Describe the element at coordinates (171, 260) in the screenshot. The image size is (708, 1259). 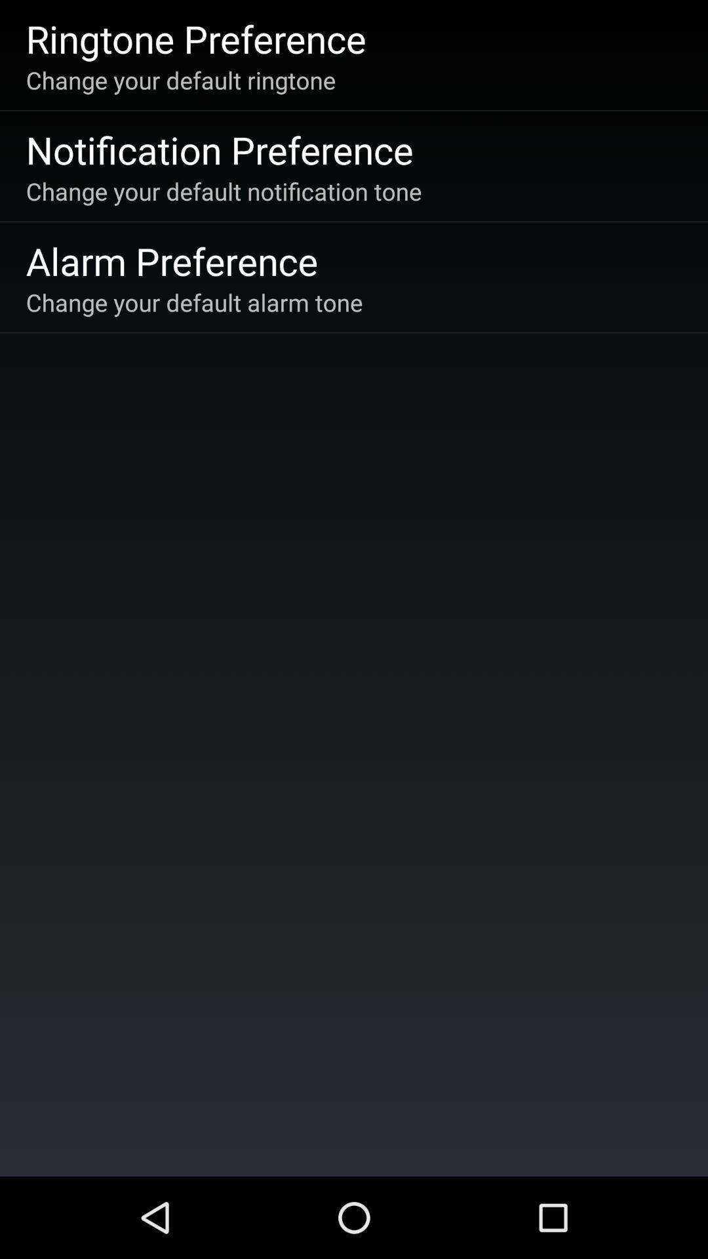
I see `the alarm preference` at that location.